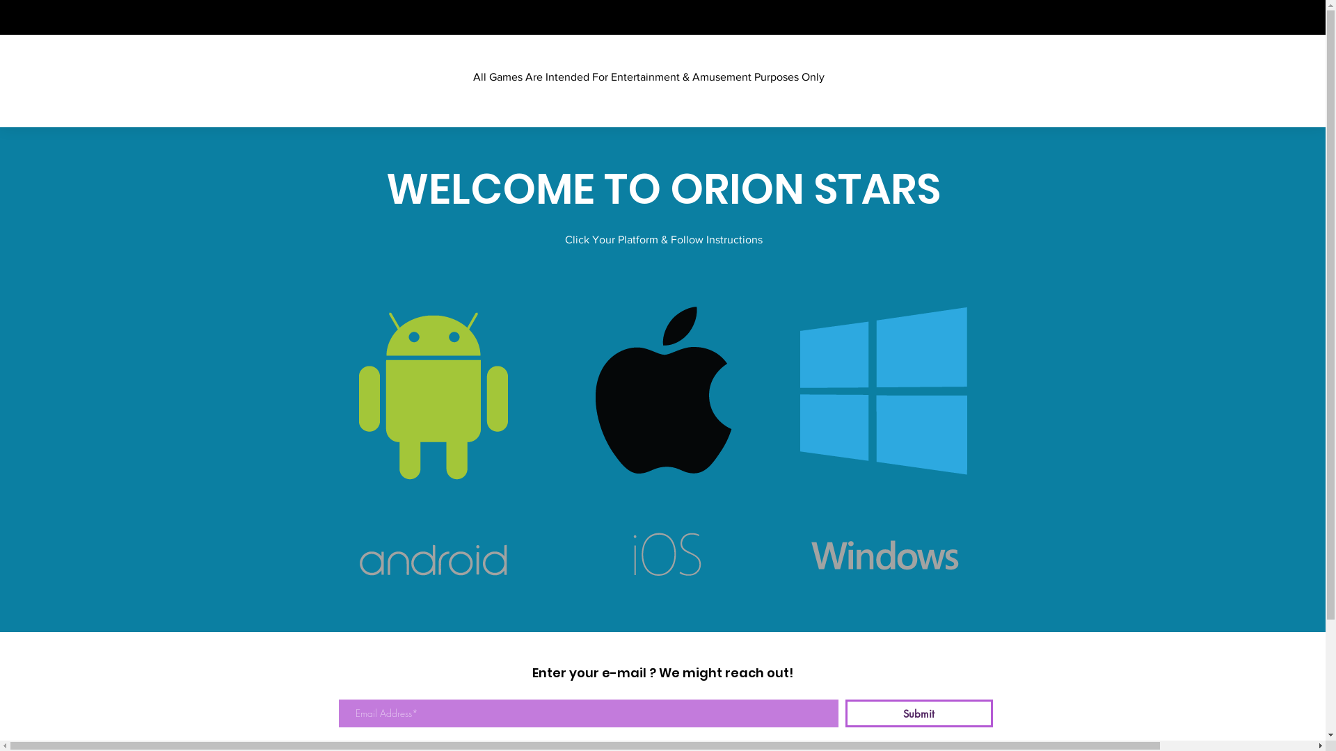 This screenshot has height=751, width=1336. I want to click on 'Submit', so click(918, 713).